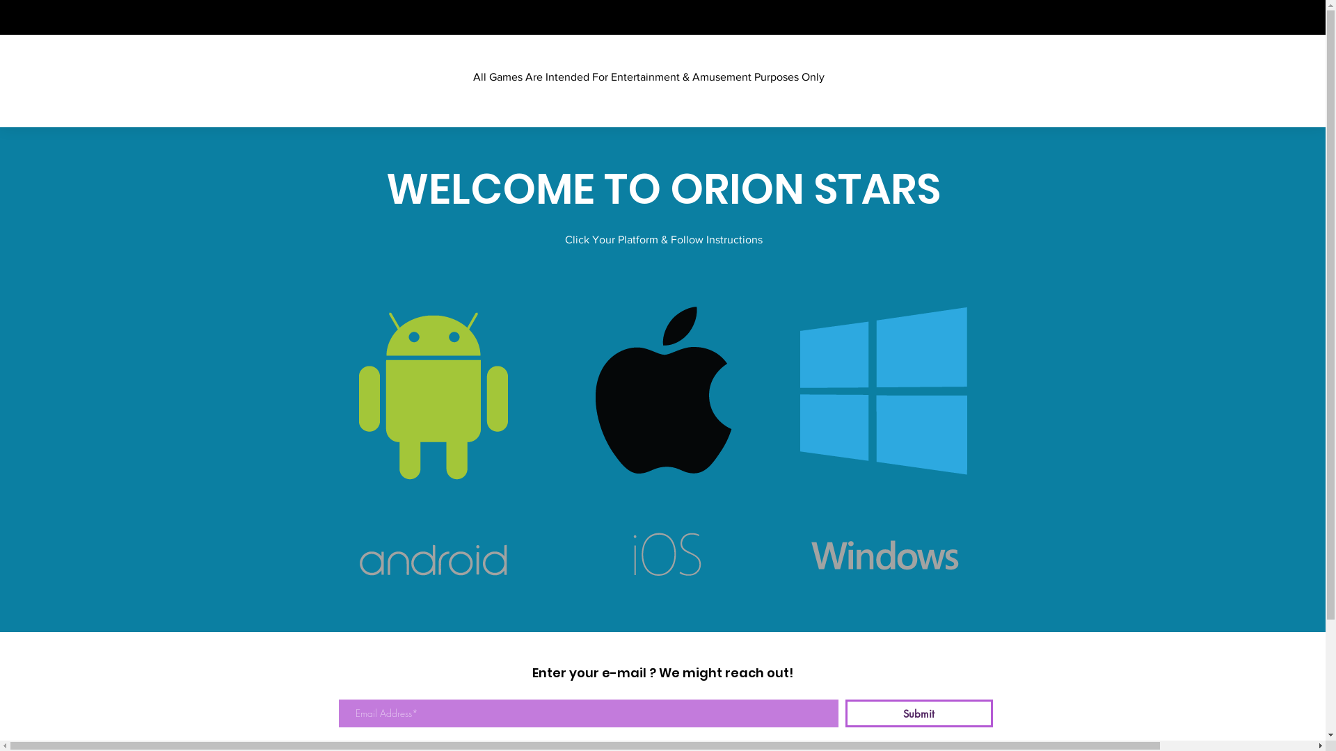 This screenshot has height=751, width=1336. I want to click on 'Submit', so click(918, 713).